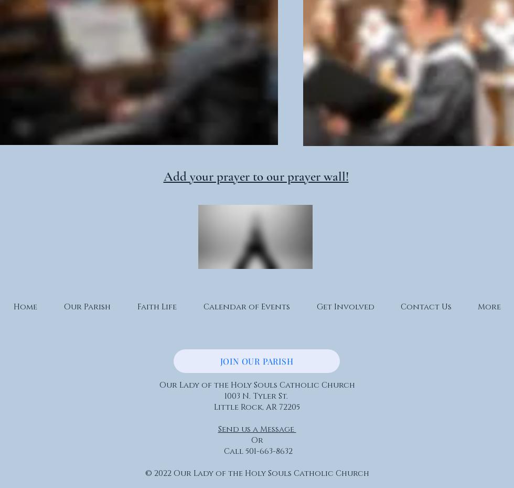  Describe the element at coordinates (426, 306) in the screenshot. I see `'Contact Us'` at that location.